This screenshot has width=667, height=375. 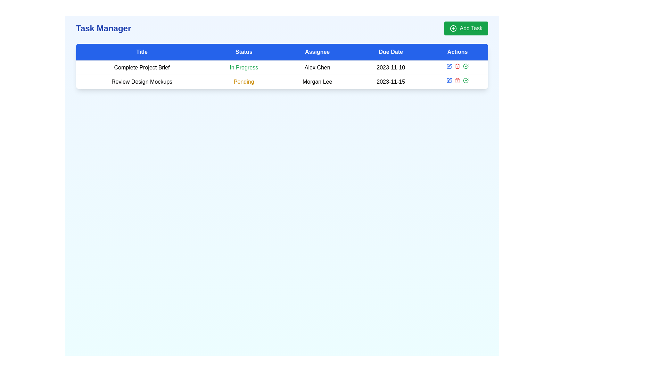 What do you see at coordinates (141, 52) in the screenshot?
I see `the Label/Text Header element which serves as a header for a table column, located as the first item from the left in the header section` at bounding box center [141, 52].